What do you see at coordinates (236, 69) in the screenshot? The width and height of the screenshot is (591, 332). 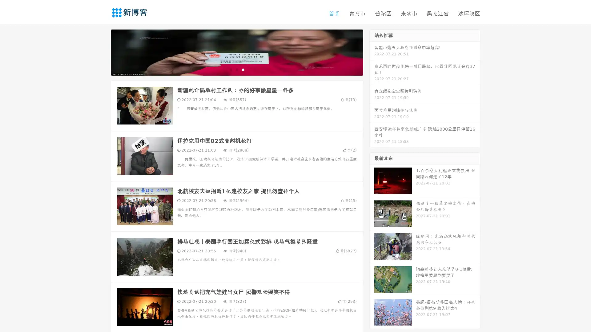 I see `Go to slide 2` at bounding box center [236, 69].